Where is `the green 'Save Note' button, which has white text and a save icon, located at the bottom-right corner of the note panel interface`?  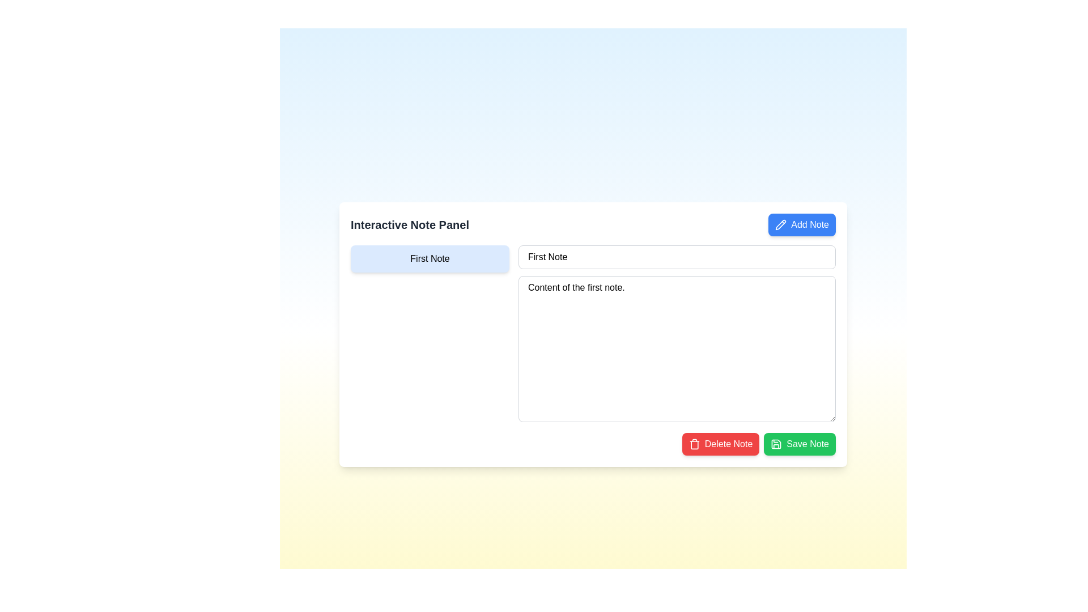 the green 'Save Note' button, which has white text and a save icon, located at the bottom-right corner of the note panel interface is located at coordinates (799, 443).